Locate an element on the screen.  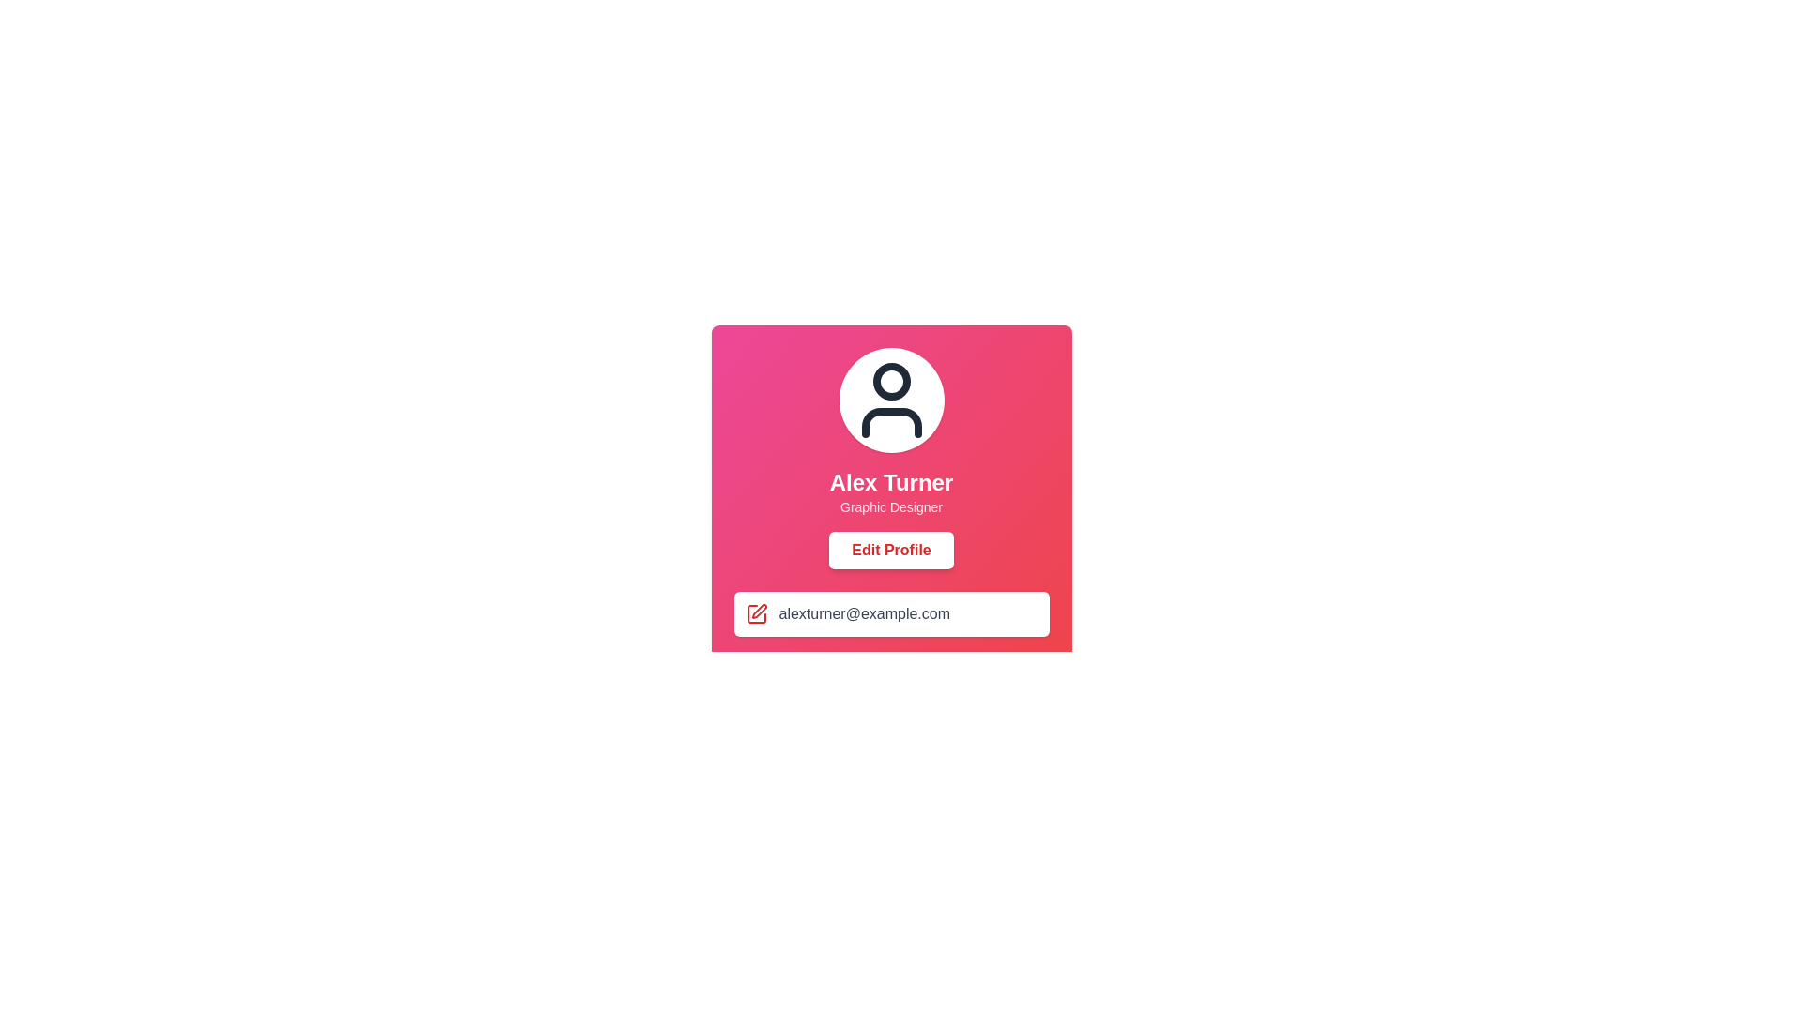
the red square-shaped icon with a pen graphic located to the left of the email address field in the profile card is located at coordinates (756, 614).